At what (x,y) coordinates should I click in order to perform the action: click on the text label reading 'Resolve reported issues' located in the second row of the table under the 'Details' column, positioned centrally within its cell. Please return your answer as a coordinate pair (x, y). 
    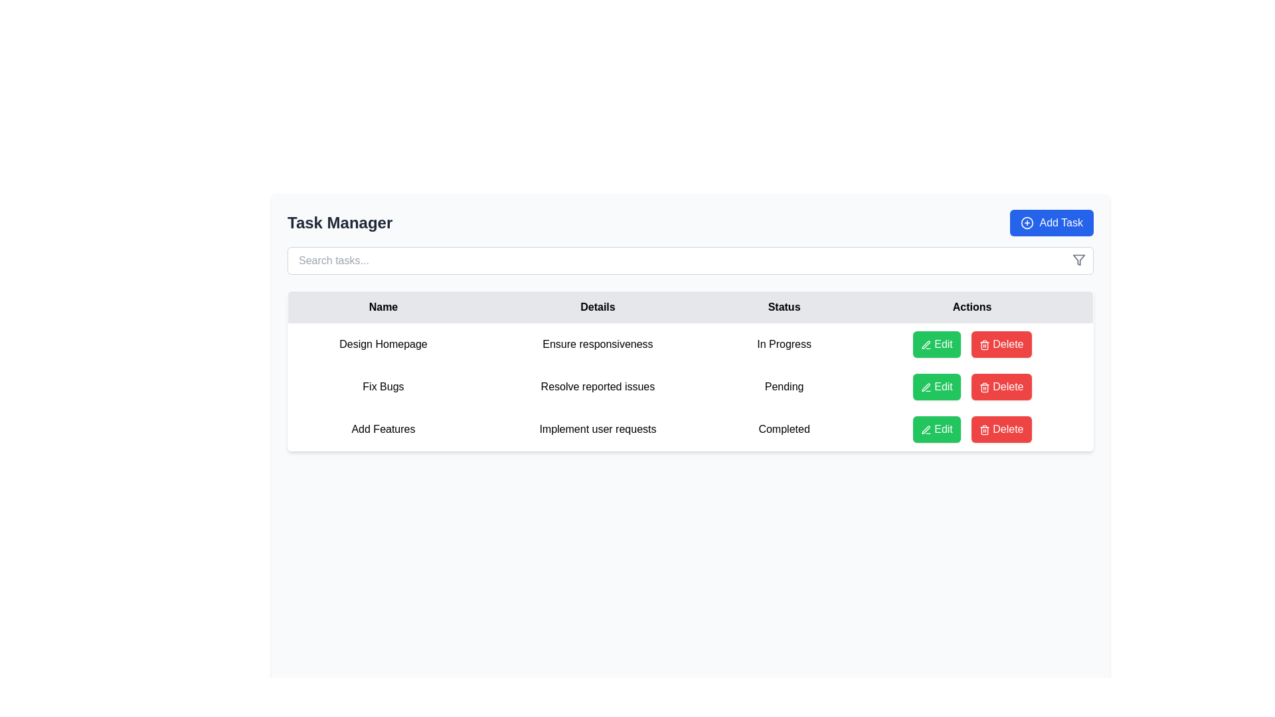
    Looking at the image, I should click on (597, 386).